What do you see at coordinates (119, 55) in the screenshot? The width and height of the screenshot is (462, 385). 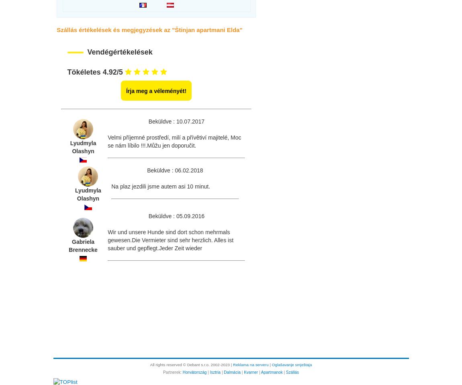 I see `'200 m'` at bounding box center [119, 55].